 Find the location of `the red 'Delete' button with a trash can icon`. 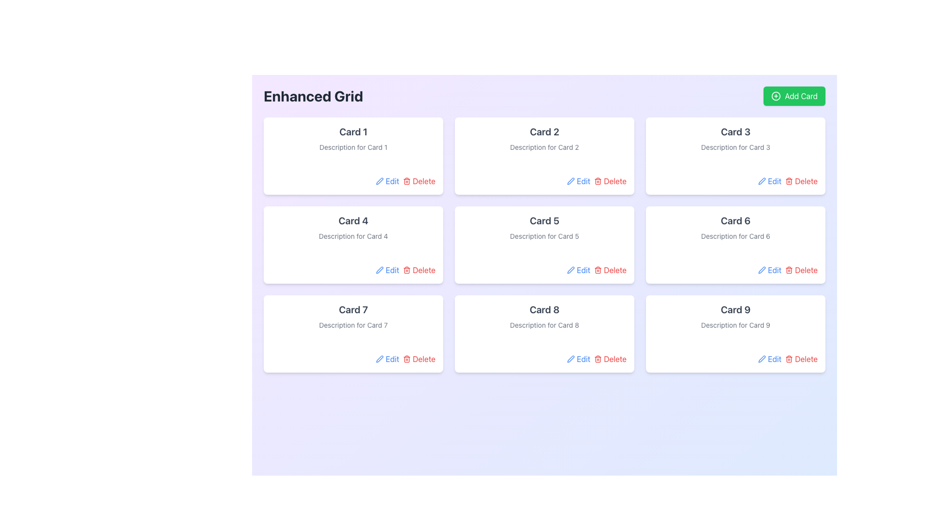

the red 'Delete' button with a trash can icon is located at coordinates (801, 359).